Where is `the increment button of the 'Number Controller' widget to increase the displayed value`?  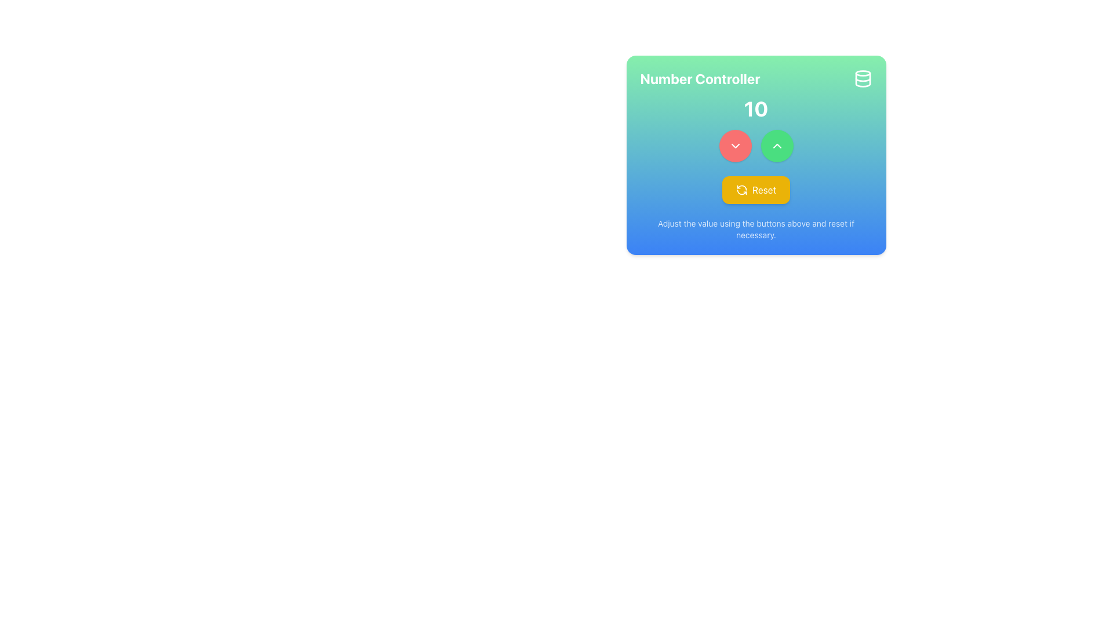
the increment button of the 'Number Controller' widget to increase the displayed value is located at coordinates (756, 154).